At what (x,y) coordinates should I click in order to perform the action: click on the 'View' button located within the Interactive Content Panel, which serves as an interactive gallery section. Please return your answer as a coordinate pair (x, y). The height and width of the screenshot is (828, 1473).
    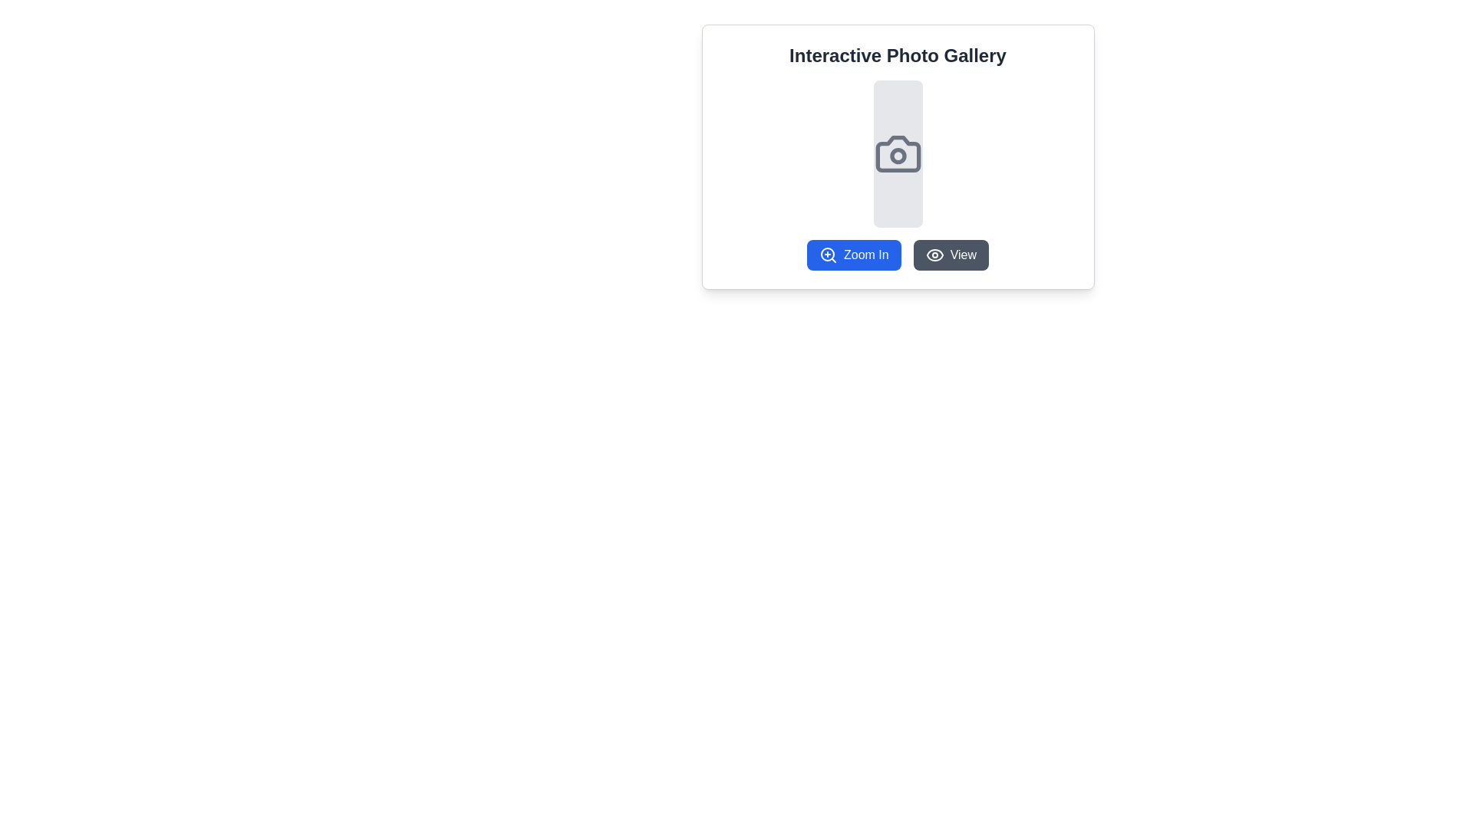
    Looking at the image, I should click on (898, 156).